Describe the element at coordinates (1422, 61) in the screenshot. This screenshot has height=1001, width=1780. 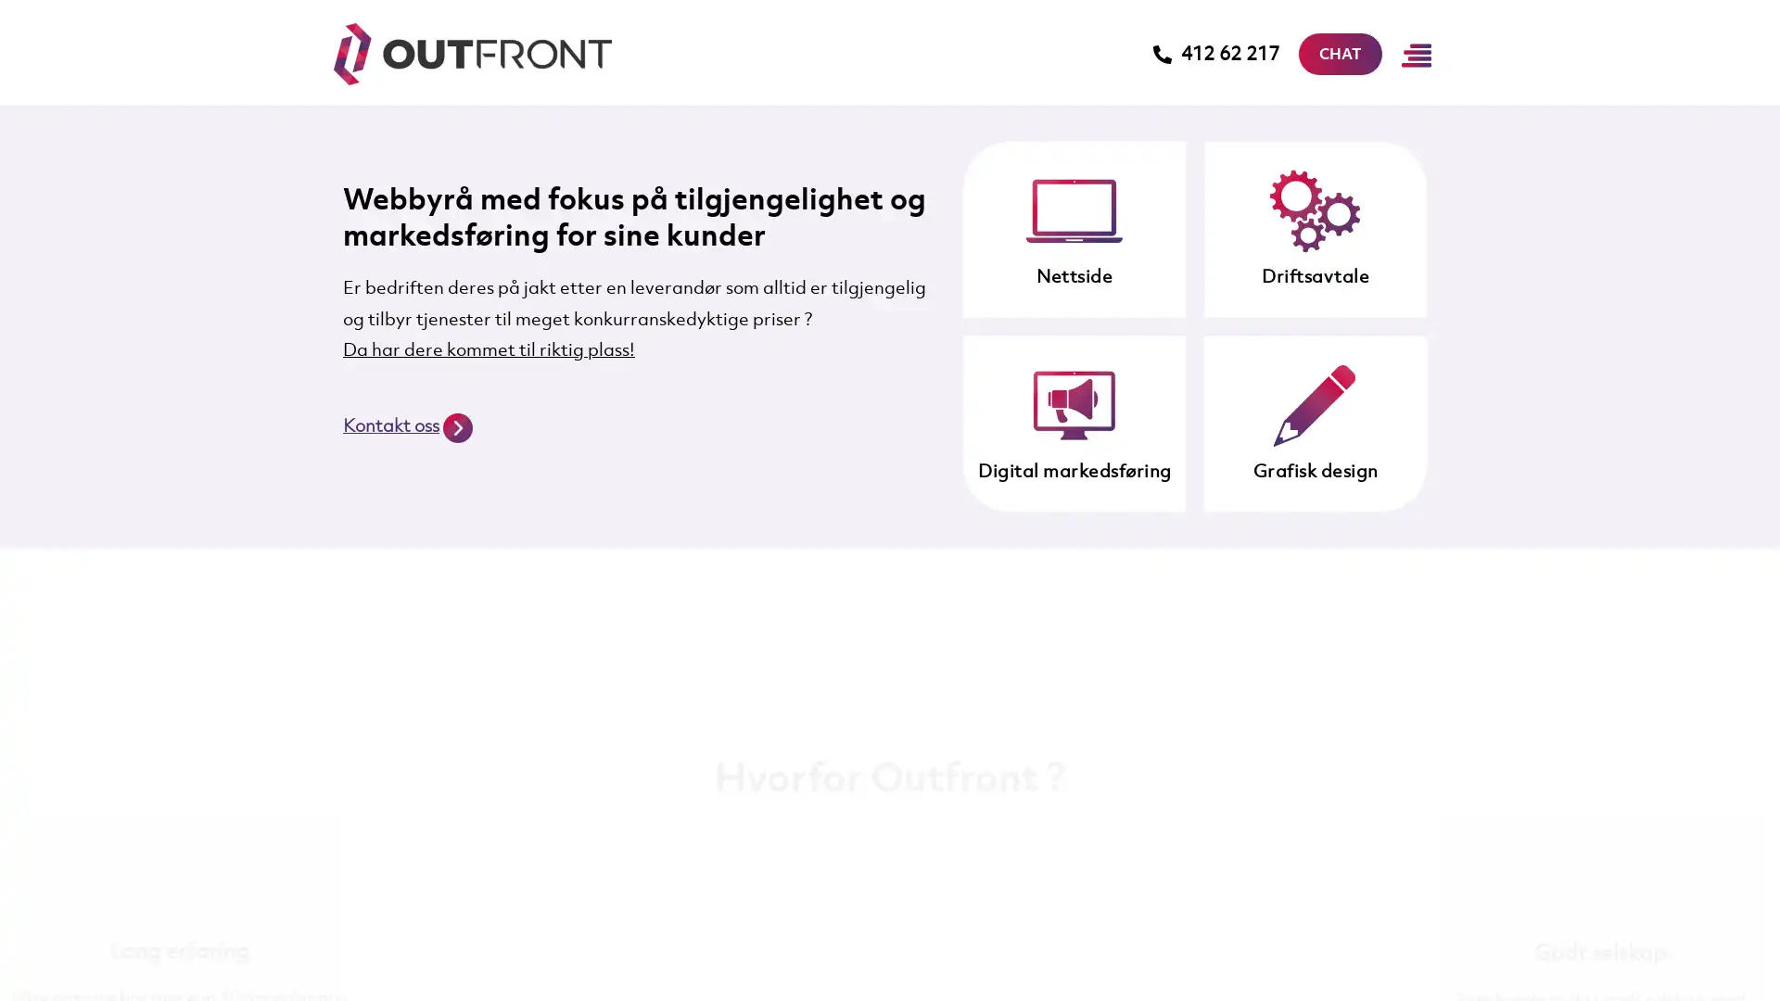
I see `Main Menu` at that location.